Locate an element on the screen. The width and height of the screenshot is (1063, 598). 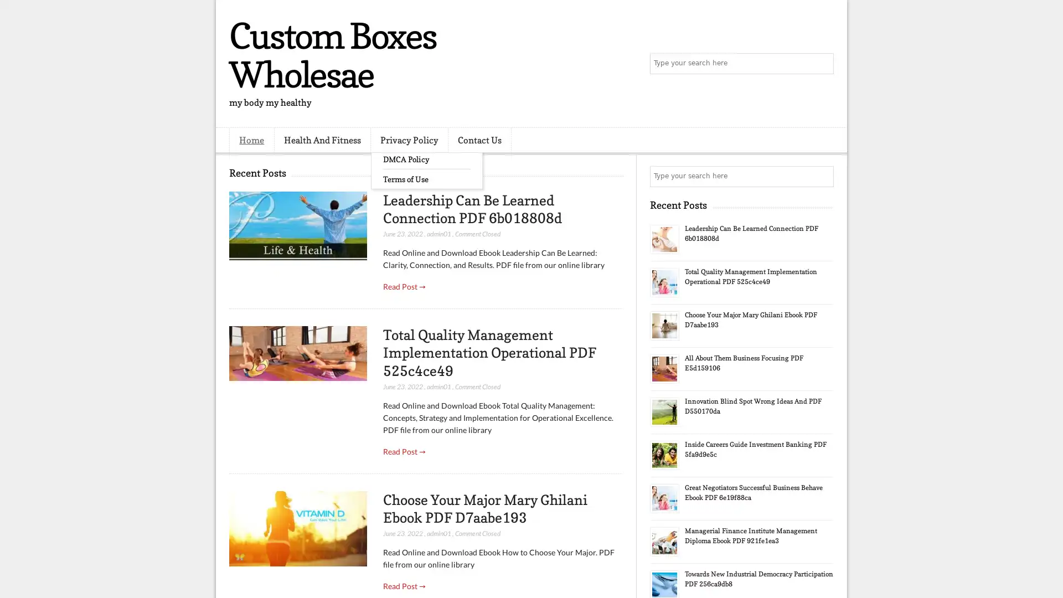
Search is located at coordinates (822, 176).